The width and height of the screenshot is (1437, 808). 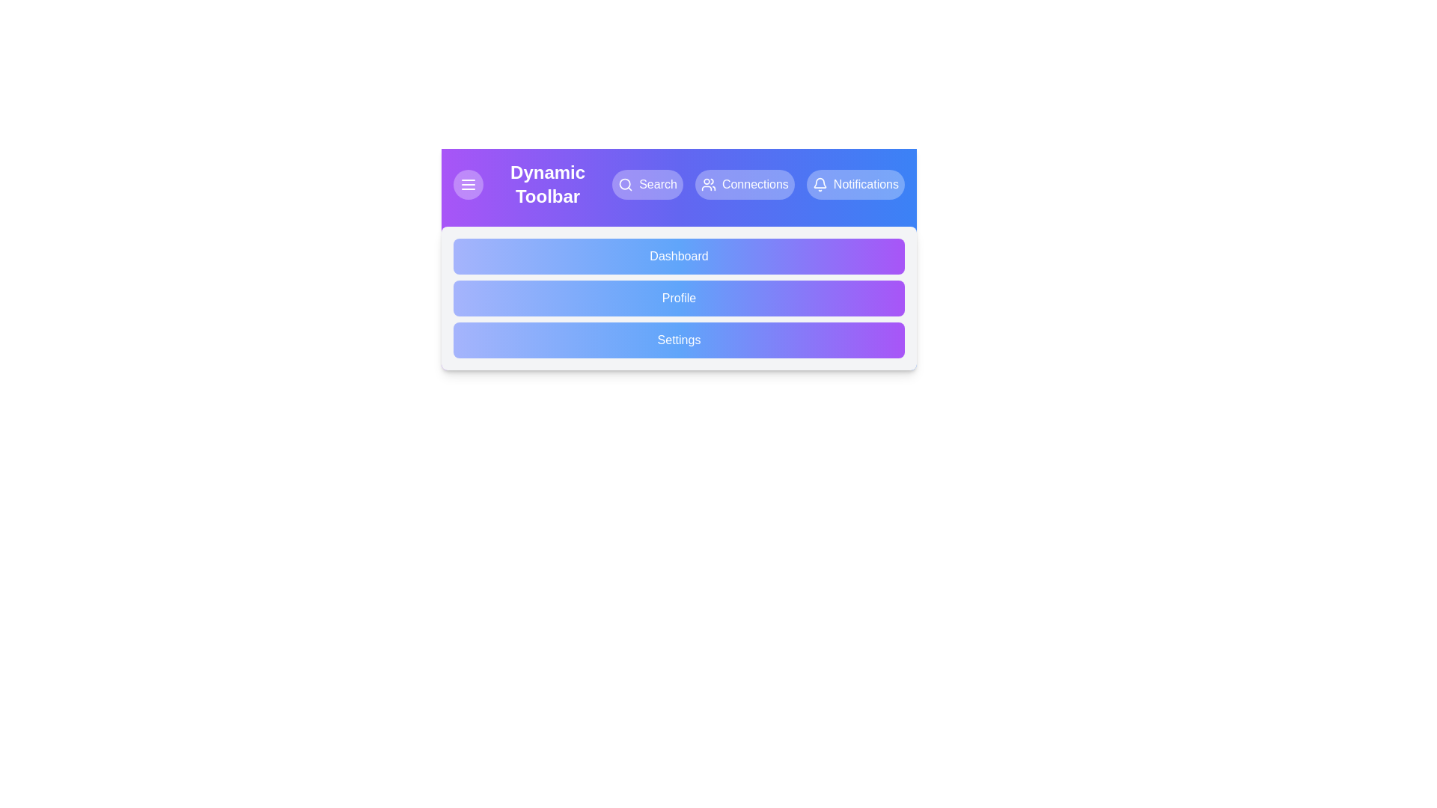 I want to click on the 'Dashboard' option in the menu, so click(x=678, y=256).